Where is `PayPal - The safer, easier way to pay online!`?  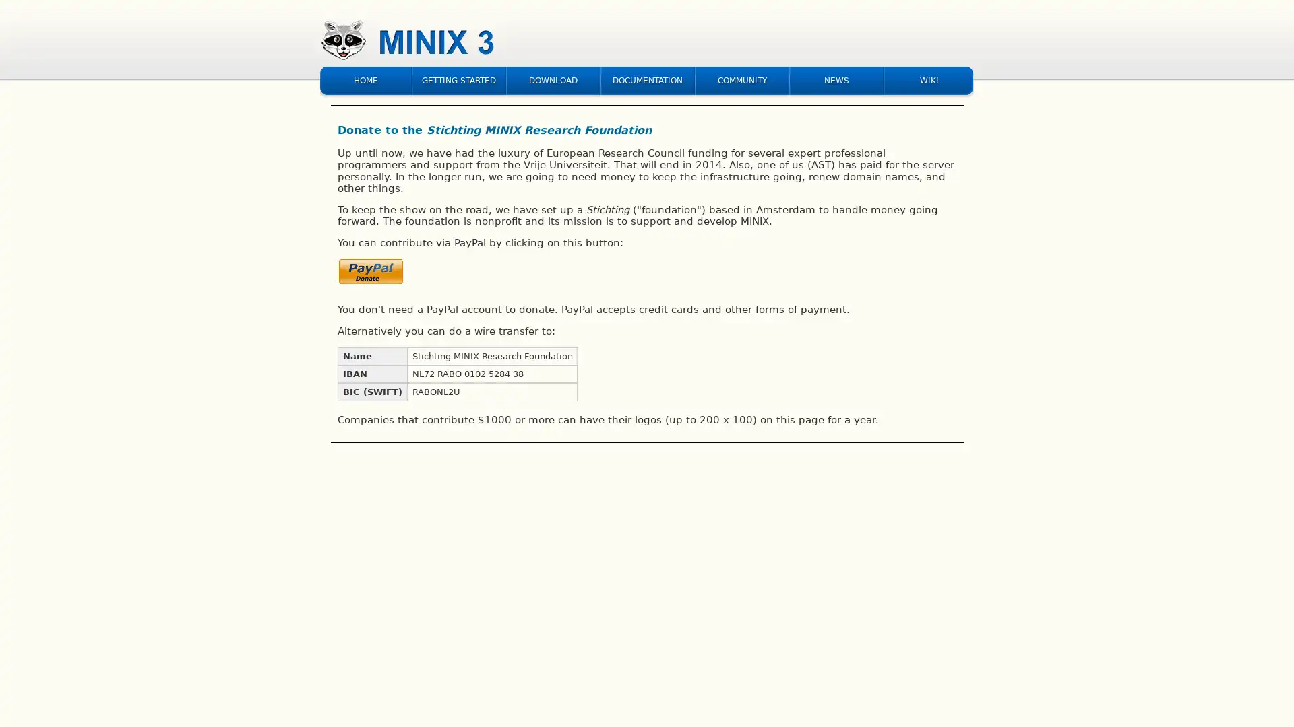
PayPal - The safer, easier way to pay online! is located at coordinates (371, 274).